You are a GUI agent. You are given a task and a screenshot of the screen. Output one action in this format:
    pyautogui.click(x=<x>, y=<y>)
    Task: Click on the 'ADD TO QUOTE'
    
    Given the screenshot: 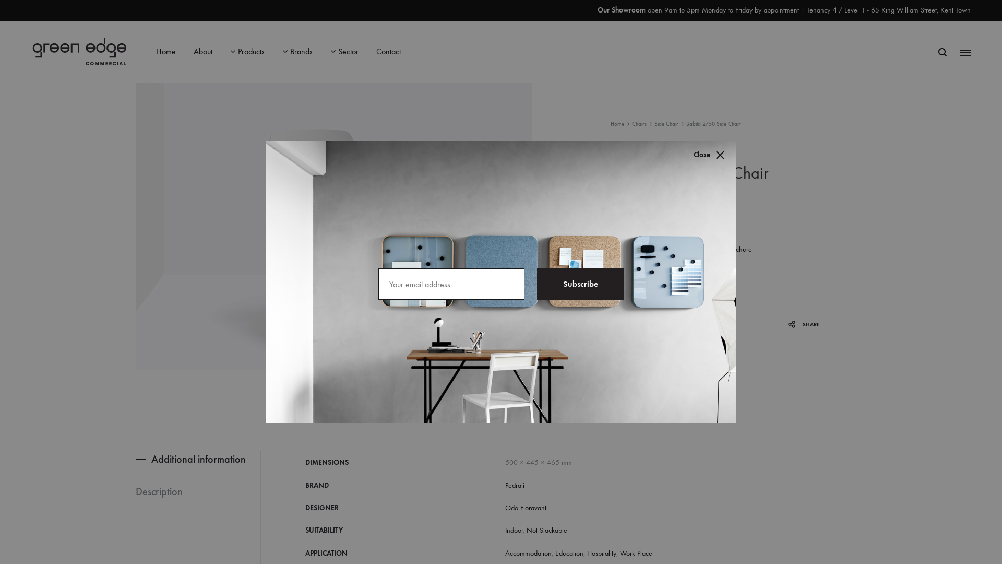 What is the action you would take?
    pyautogui.click(x=655, y=310)
    